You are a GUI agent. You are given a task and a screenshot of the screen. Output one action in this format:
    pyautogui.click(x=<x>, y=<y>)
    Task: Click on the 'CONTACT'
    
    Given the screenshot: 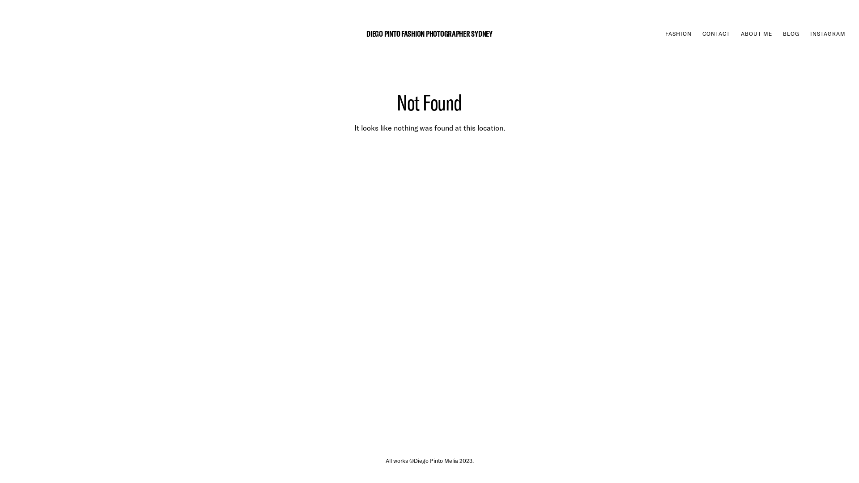 What is the action you would take?
    pyautogui.click(x=702, y=33)
    